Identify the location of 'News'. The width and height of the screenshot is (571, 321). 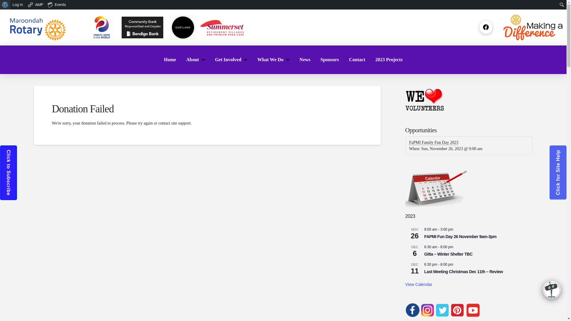
(294, 59).